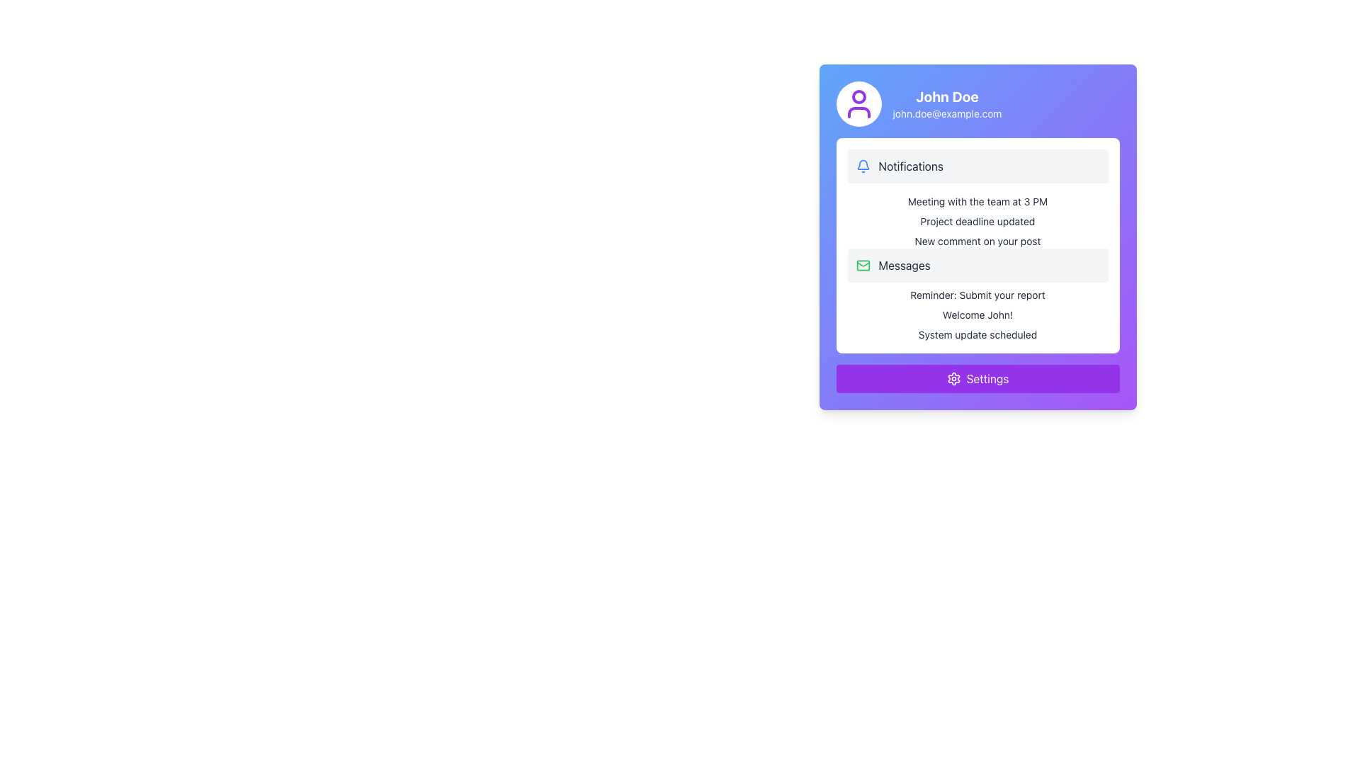 This screenshot has height=765, width=1360. Describe the element at coordinates (977, 202) in the screenshot. I see `the text label displaying 'Meeting with the team at 3 PM' located in the notifications section as the first item in the list` at that location.